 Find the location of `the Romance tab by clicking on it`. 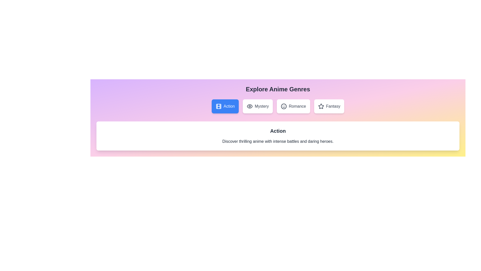

the Romance tab by clicking on it is located at coordinates (293, 106).